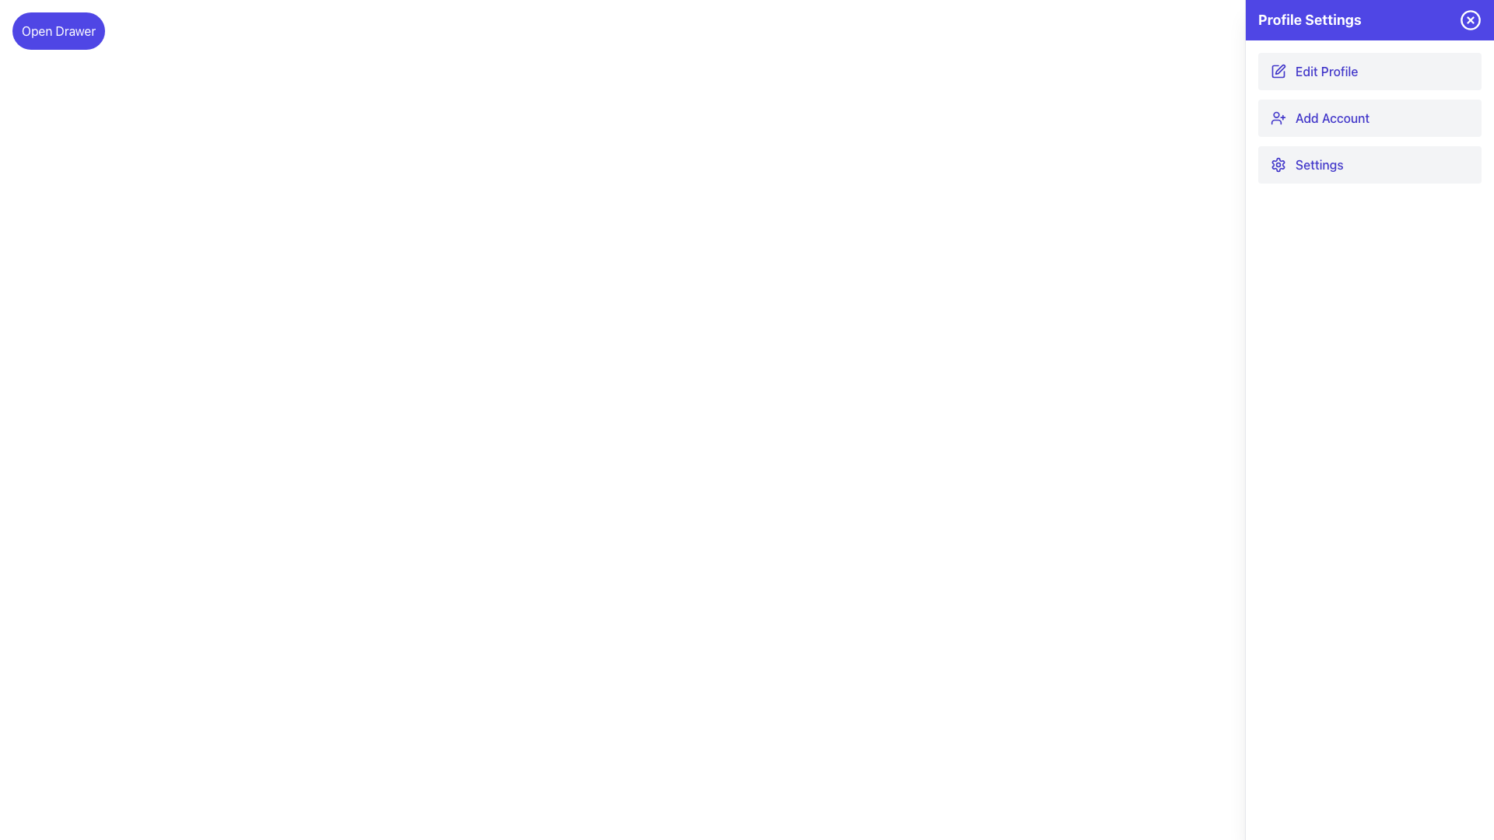 The width and height of the screenshot is (1494, 840). What do you see at coordinates (1278, 117) in the screenshot?
I see `the user icon with a blue outline and plus sign, located next to the 'Add Account' text in the 'Profile Settings' section of the side panel` at bounding box center [1278, 117].